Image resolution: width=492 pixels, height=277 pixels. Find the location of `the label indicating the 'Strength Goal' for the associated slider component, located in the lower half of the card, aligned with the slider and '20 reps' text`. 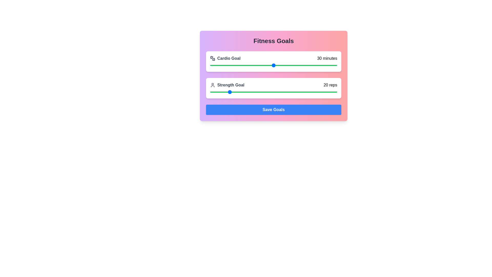

the label indicating the 'Strength Goal' for the associated slider component, located in the lower half of the card, aligned with the slider and '20 reps' text is located at coordinates (227, 85).